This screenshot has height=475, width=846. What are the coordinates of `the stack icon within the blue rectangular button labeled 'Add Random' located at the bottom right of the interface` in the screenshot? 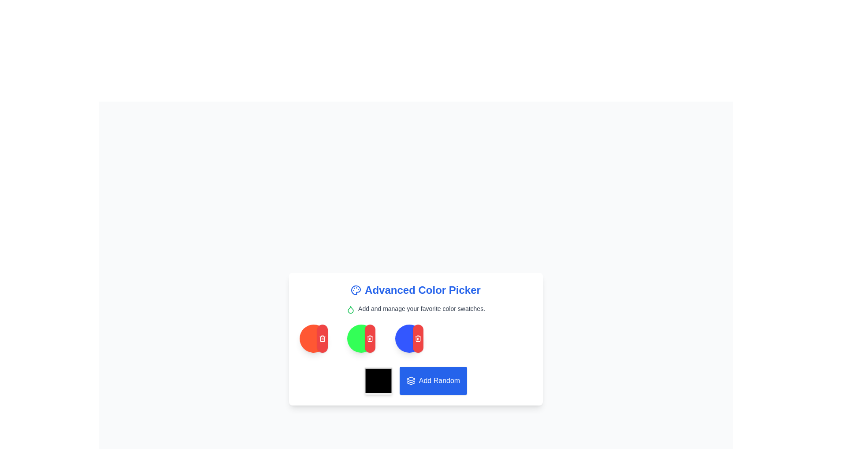 It's located at (410, 380).